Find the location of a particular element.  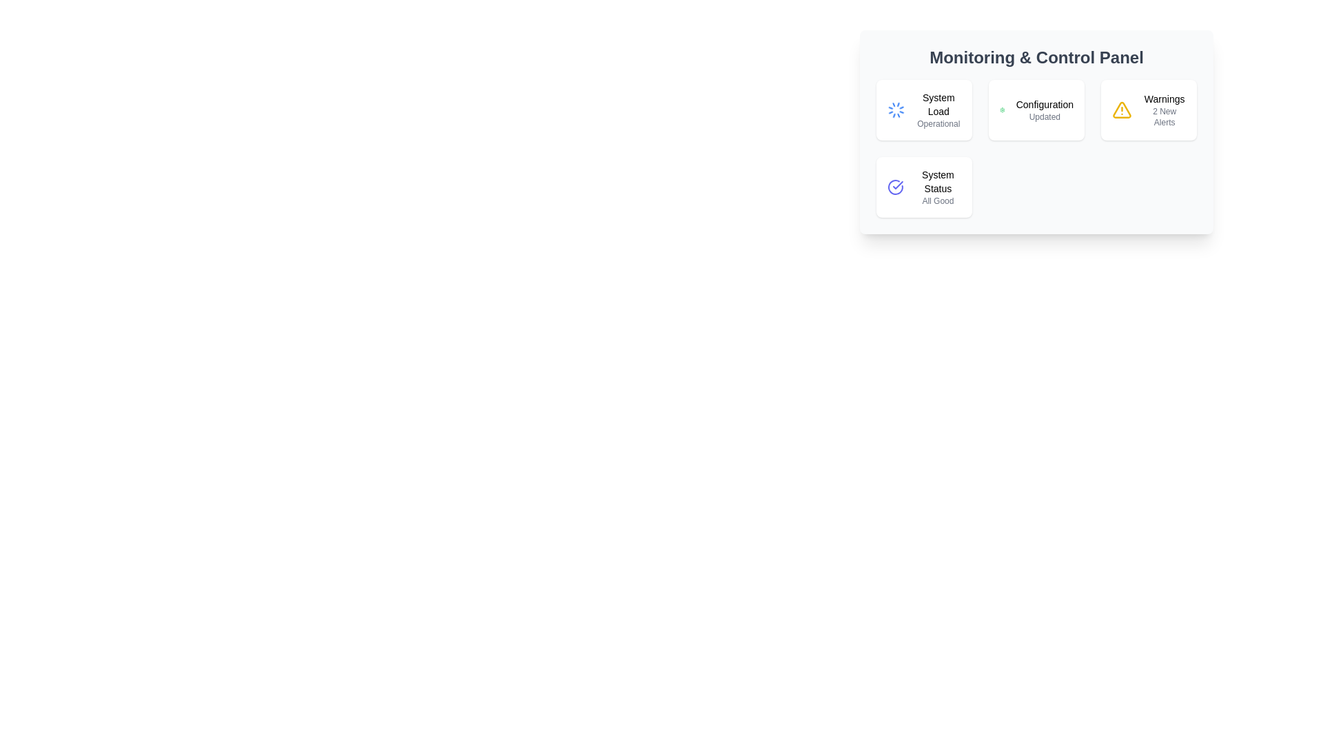

the spinning loader icon, which is styled as a circular animation with blue strokes and located to the left of the text 'System Load Operational' in the 'Monitoring & Control Panel' section is located at coordinates (896, 109).